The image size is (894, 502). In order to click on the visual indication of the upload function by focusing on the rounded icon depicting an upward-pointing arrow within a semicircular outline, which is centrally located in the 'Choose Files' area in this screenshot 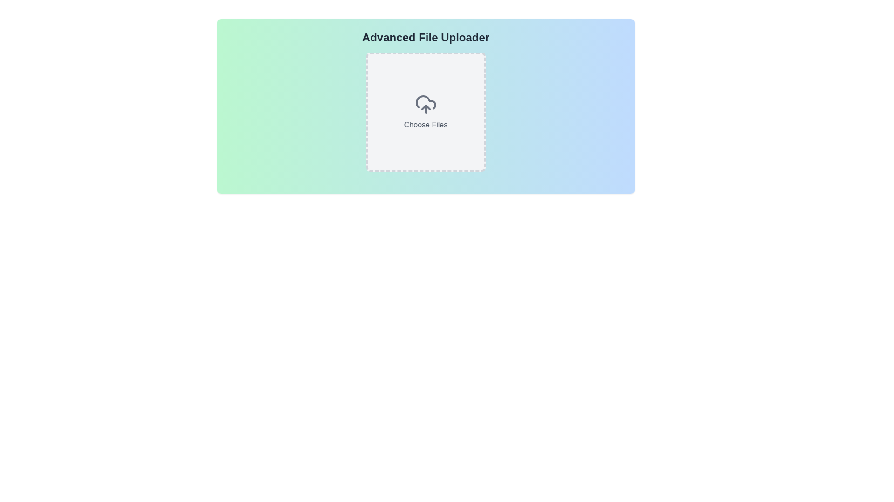, I will do `click(425, 104)`.